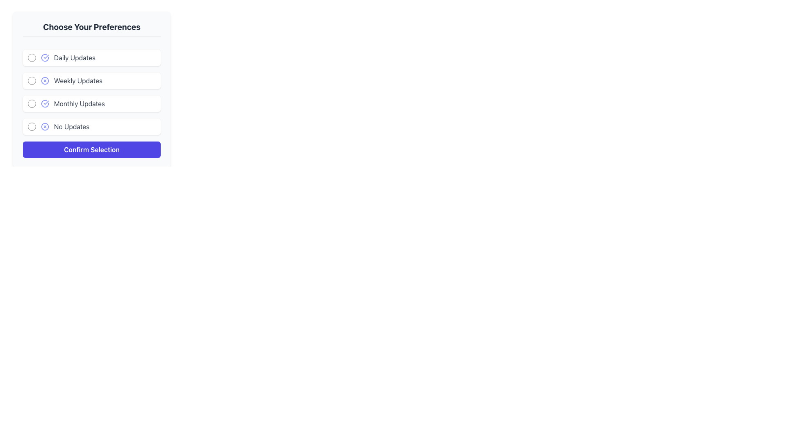  Describe the element at coordinates (79, 103) in the screenshot. I see `text displayed in the 'Monthly Updates' label located within the 'Choose Your Preferences' section` at that location.